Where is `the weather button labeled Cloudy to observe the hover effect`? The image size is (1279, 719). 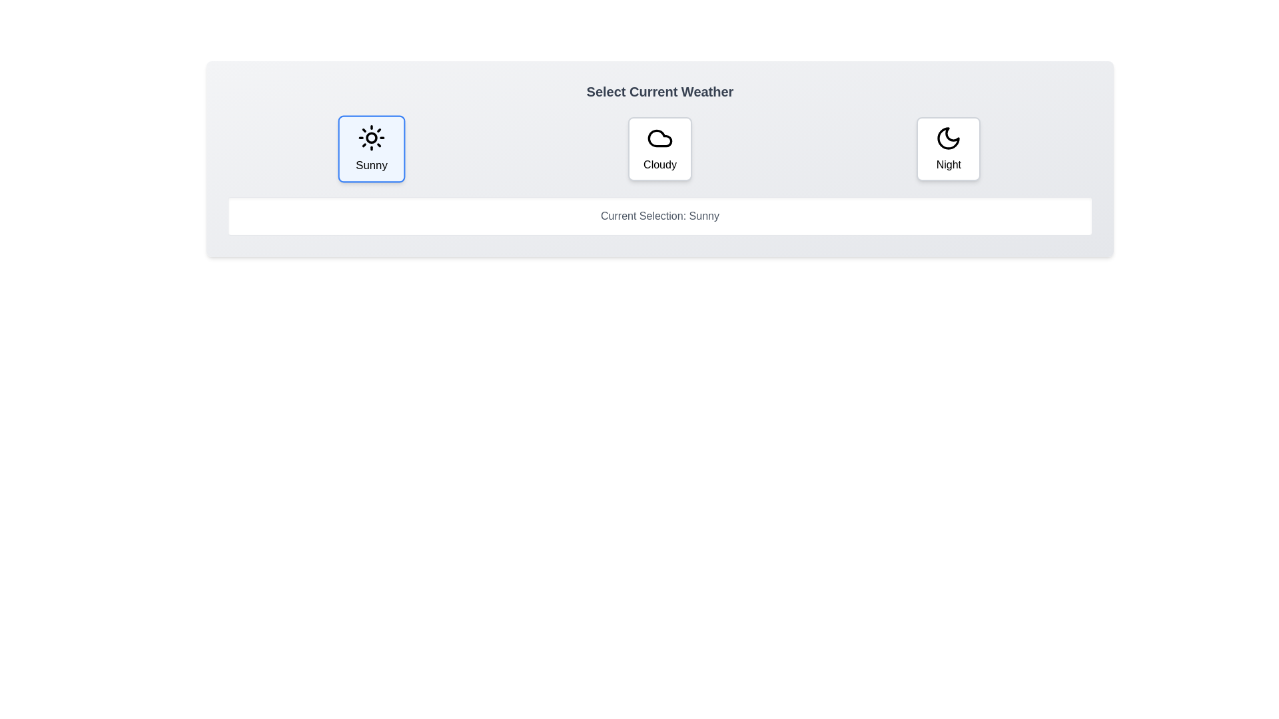
the weather button labeled Cloudy to observe the hover effect is located at coordinates (659, 148).